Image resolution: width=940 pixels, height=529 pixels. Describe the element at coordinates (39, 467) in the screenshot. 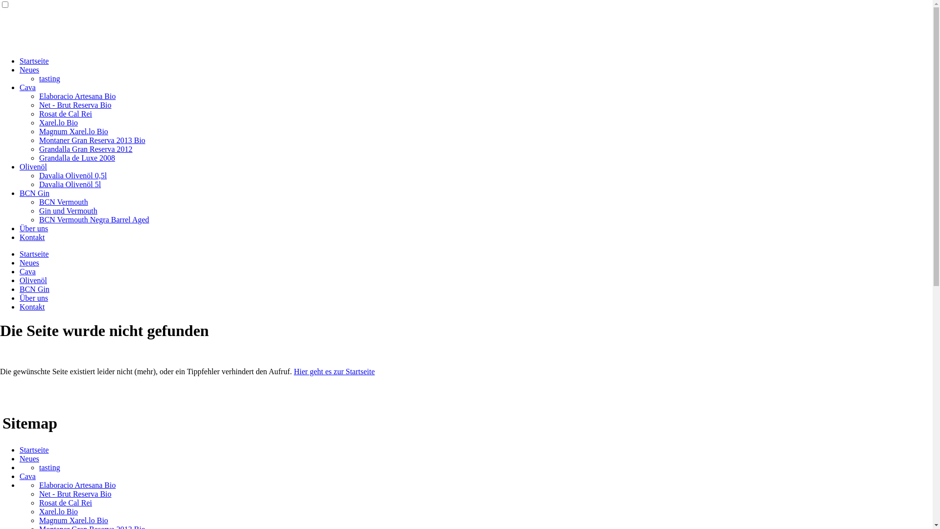

I see `'tasting'` at that location.